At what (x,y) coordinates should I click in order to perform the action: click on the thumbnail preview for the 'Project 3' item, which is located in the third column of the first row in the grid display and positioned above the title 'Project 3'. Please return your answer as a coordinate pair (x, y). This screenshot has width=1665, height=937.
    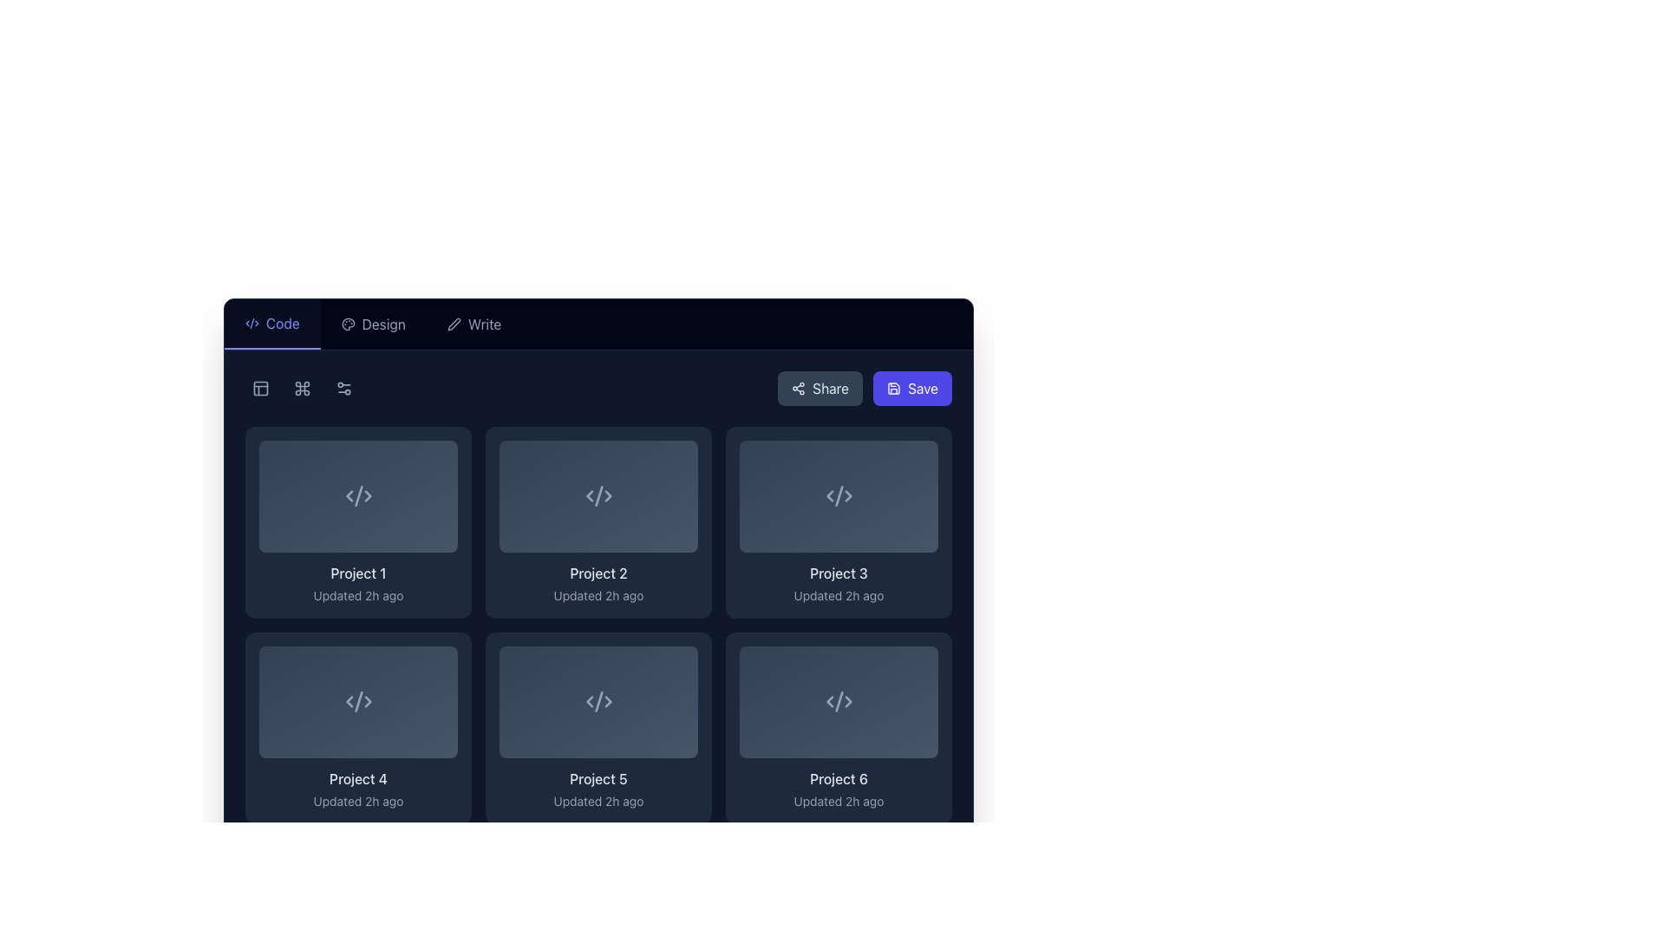
    Looking at the image, I should click on (839, 496).